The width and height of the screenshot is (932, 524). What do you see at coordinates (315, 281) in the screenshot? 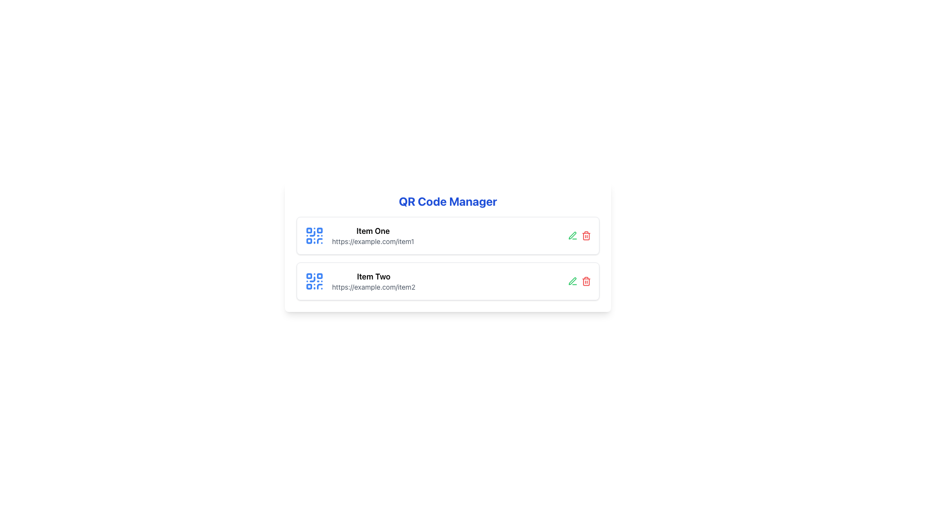
I see `the QR code functionality by clicking on the visual QR code icon for 'Item Two' located to the left of the associated label` at bounding box center [315, 281].